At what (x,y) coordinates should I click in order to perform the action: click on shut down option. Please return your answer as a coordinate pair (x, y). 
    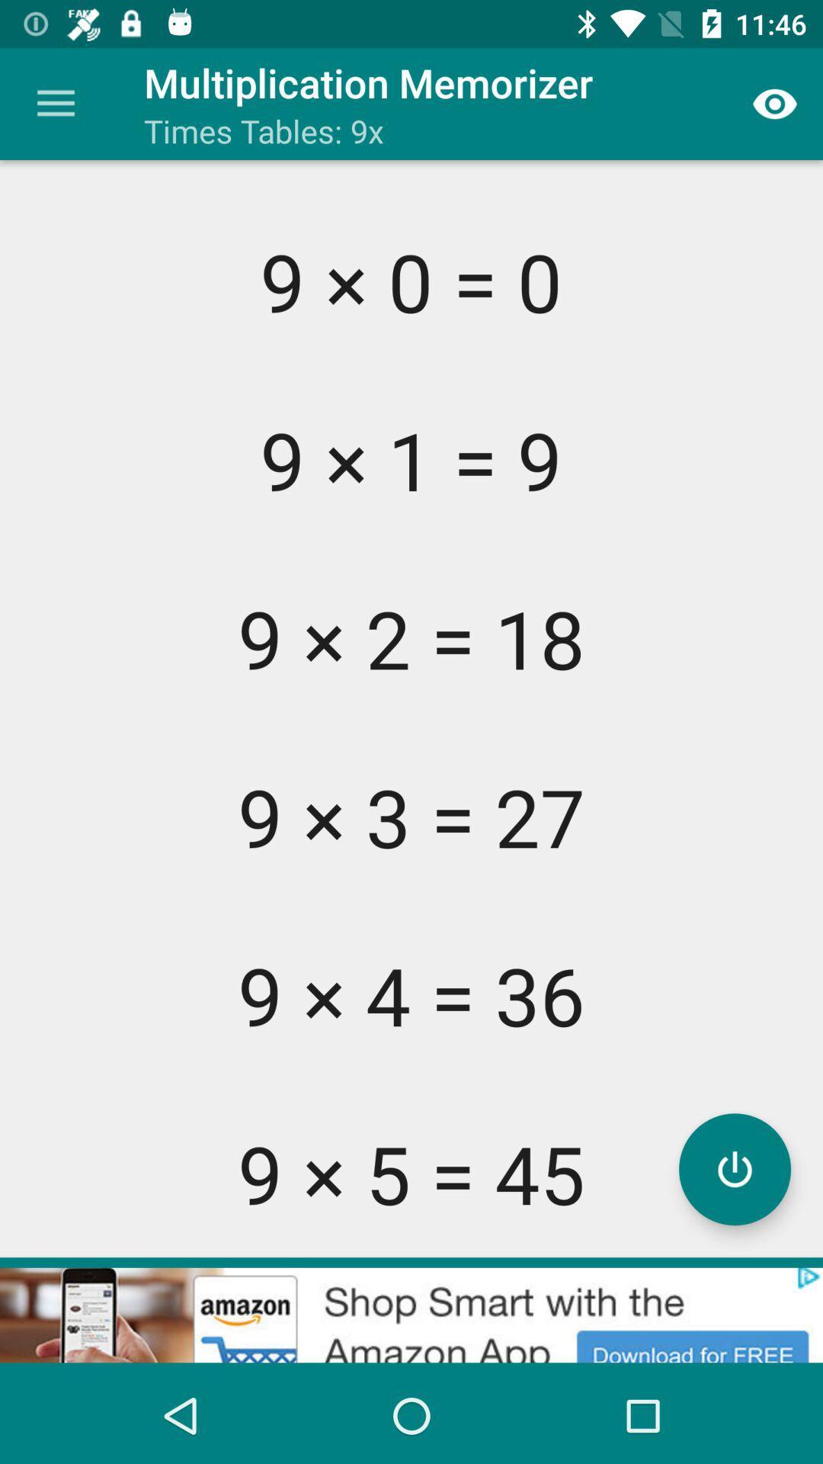
    Looking at the image, I should click on (734, 1168).